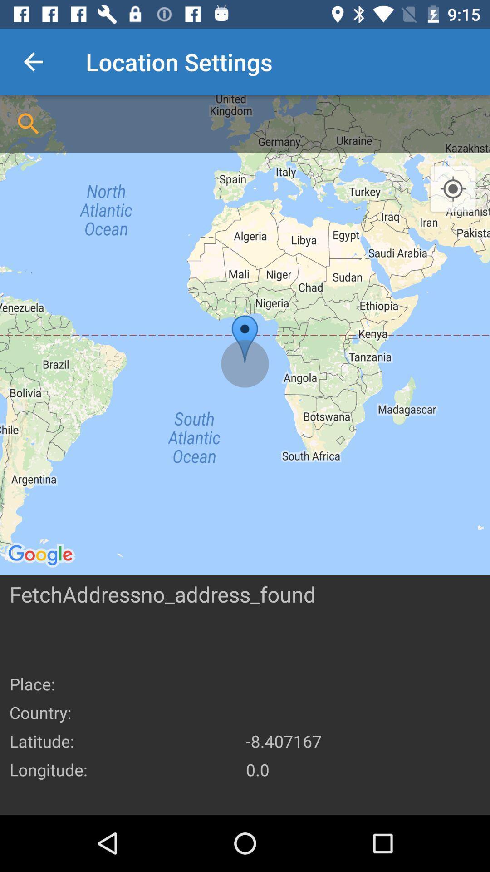 The width and height of the screenshot is (490, 872). What do you see at coordinates (245, 335) in the screenshot?
I see `the icon above fetchaddressno_address_found item` at bounding box center [245, 335].